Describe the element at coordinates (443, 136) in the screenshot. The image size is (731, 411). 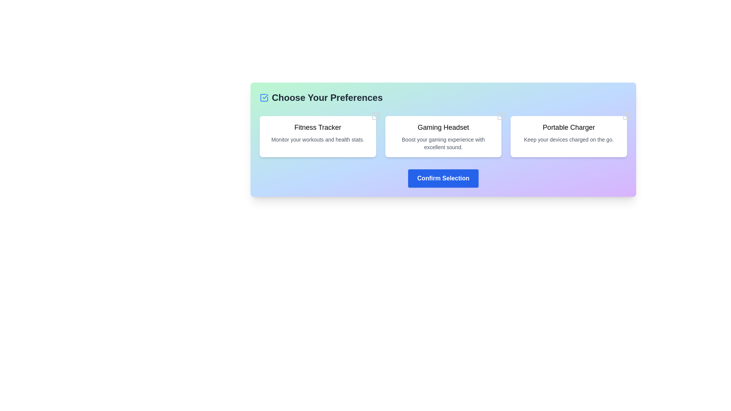
I see `to select the 'Gaming Headset' card, which is a rectangular card with a white background and rounded corners, located centrally among three cards in a grid layout` at that location.